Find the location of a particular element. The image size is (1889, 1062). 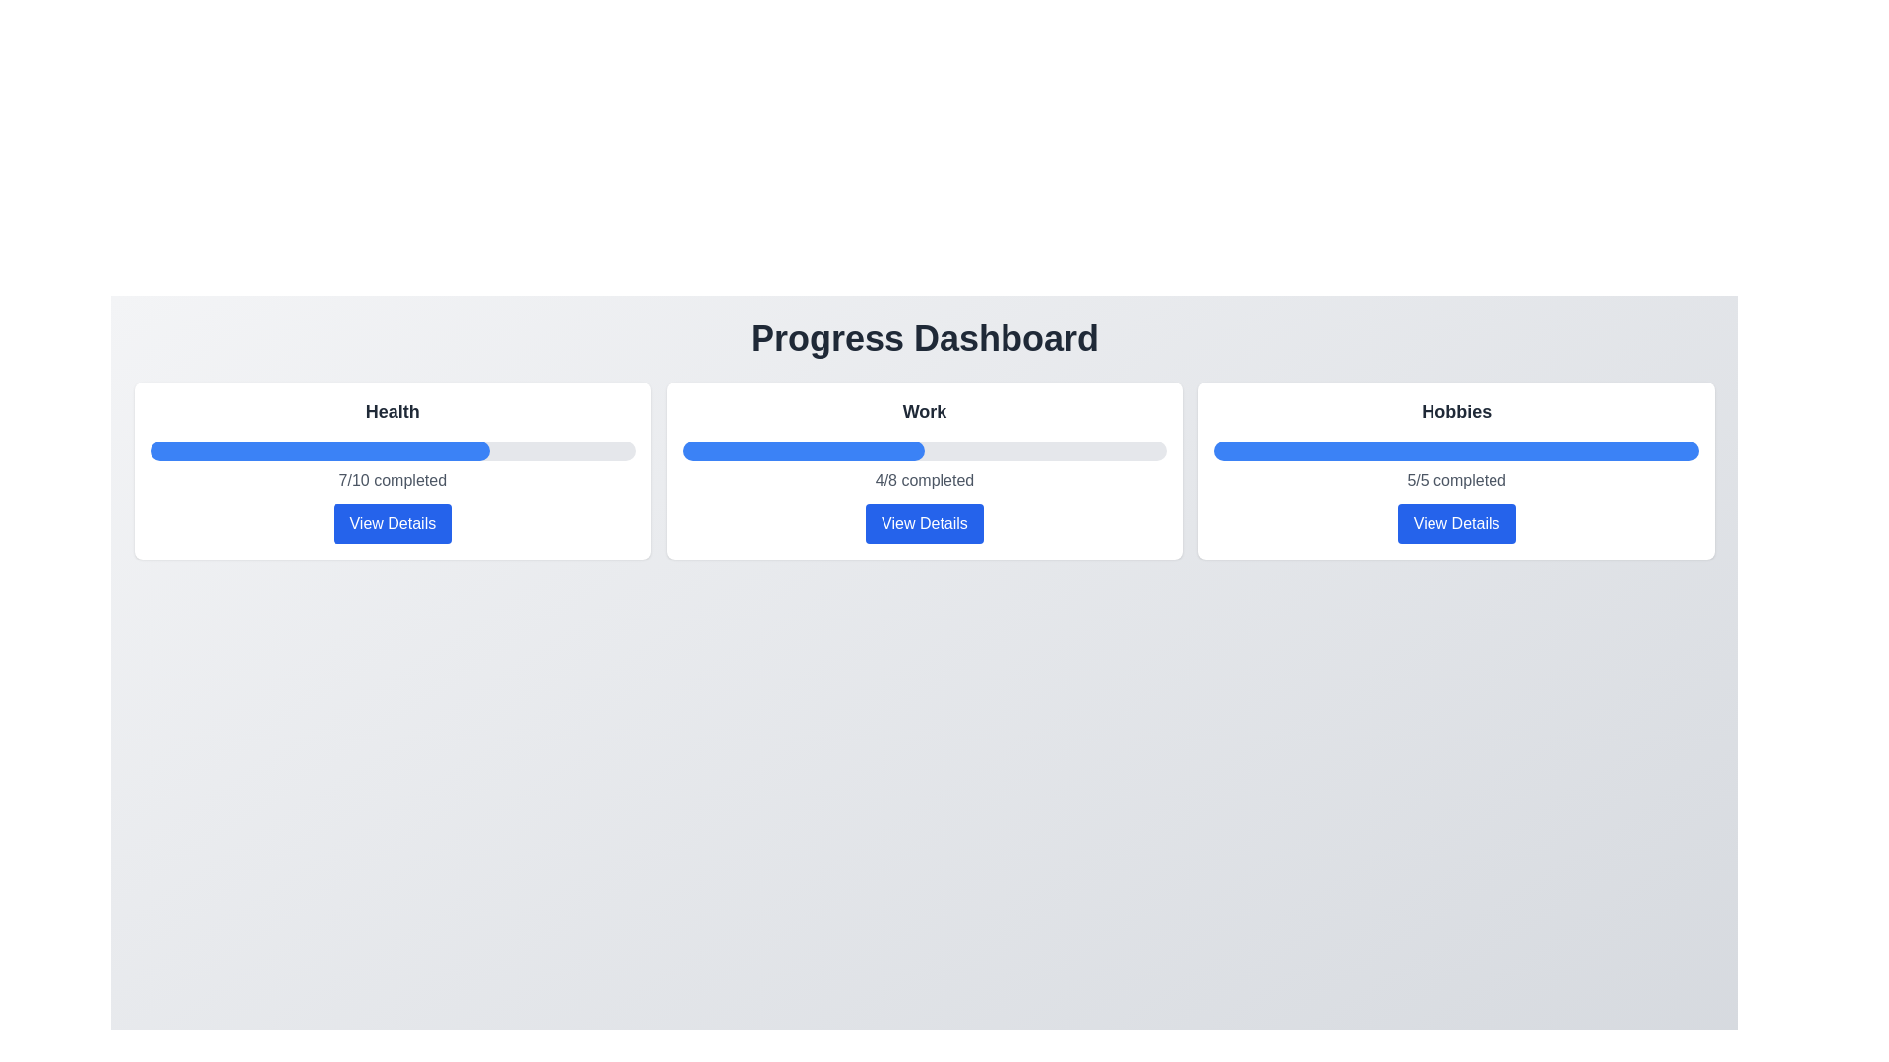

the 'View Details' button with white text on a blue background, located at the bottom of the 'Work' section card is located at coordinates (924, 522).